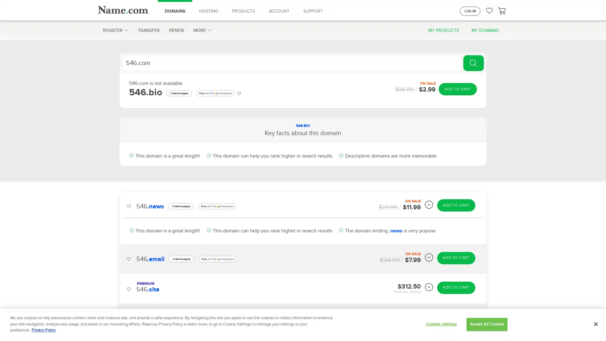 The height and width of the screenshot is (341, 606). I want to click on ADD TO CART, so click(456, 264).